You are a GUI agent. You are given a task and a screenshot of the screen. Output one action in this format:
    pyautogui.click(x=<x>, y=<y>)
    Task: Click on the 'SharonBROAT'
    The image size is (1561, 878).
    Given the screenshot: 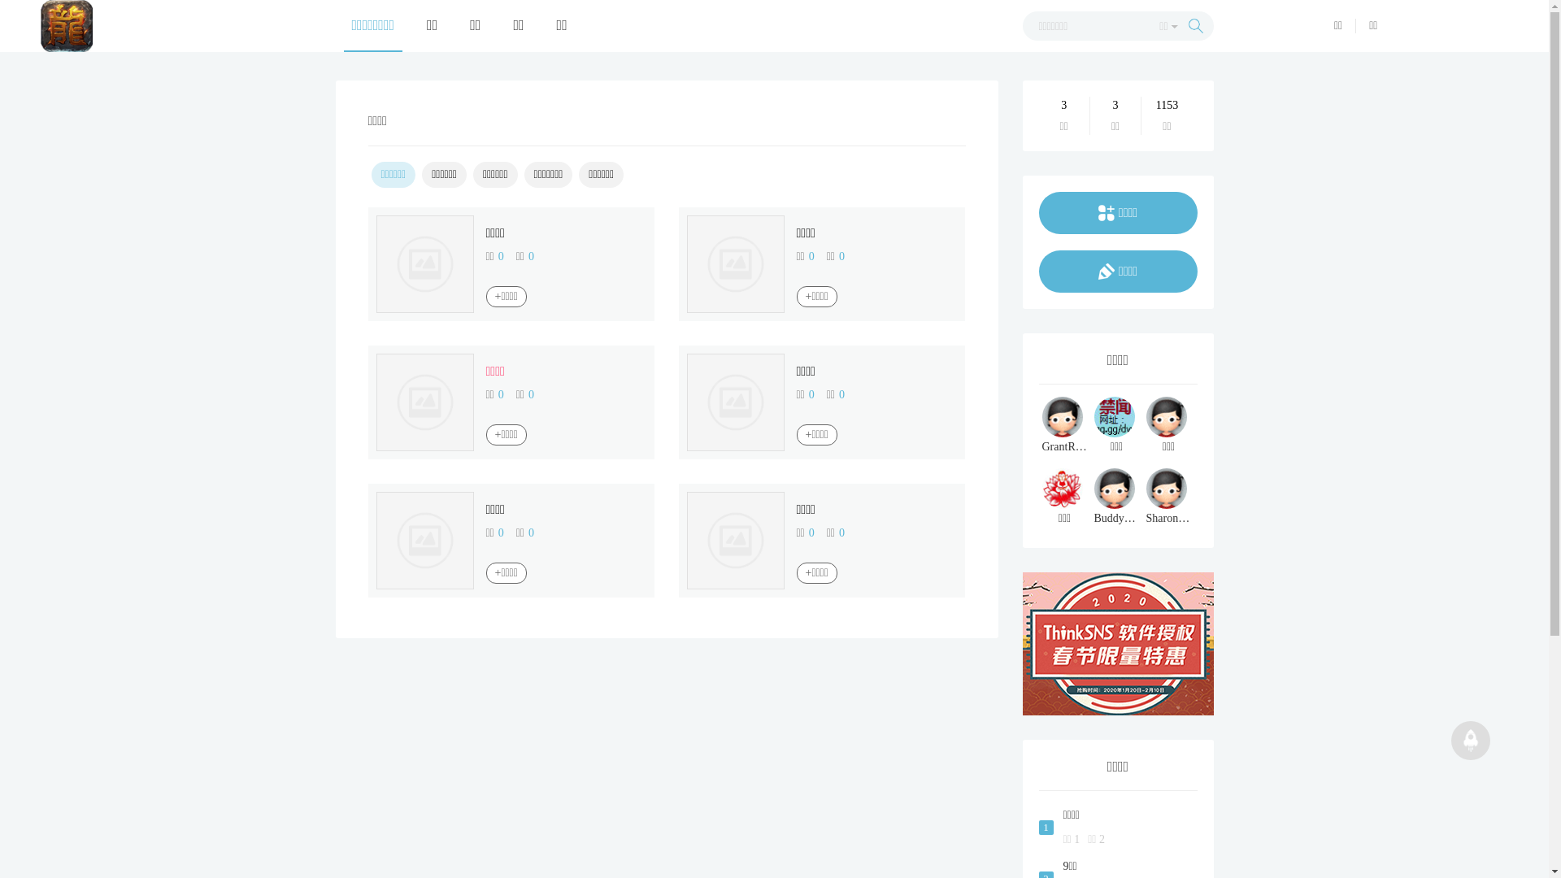 What is the action you would take?
    pyautogui.click(x=1168, y=497)
    